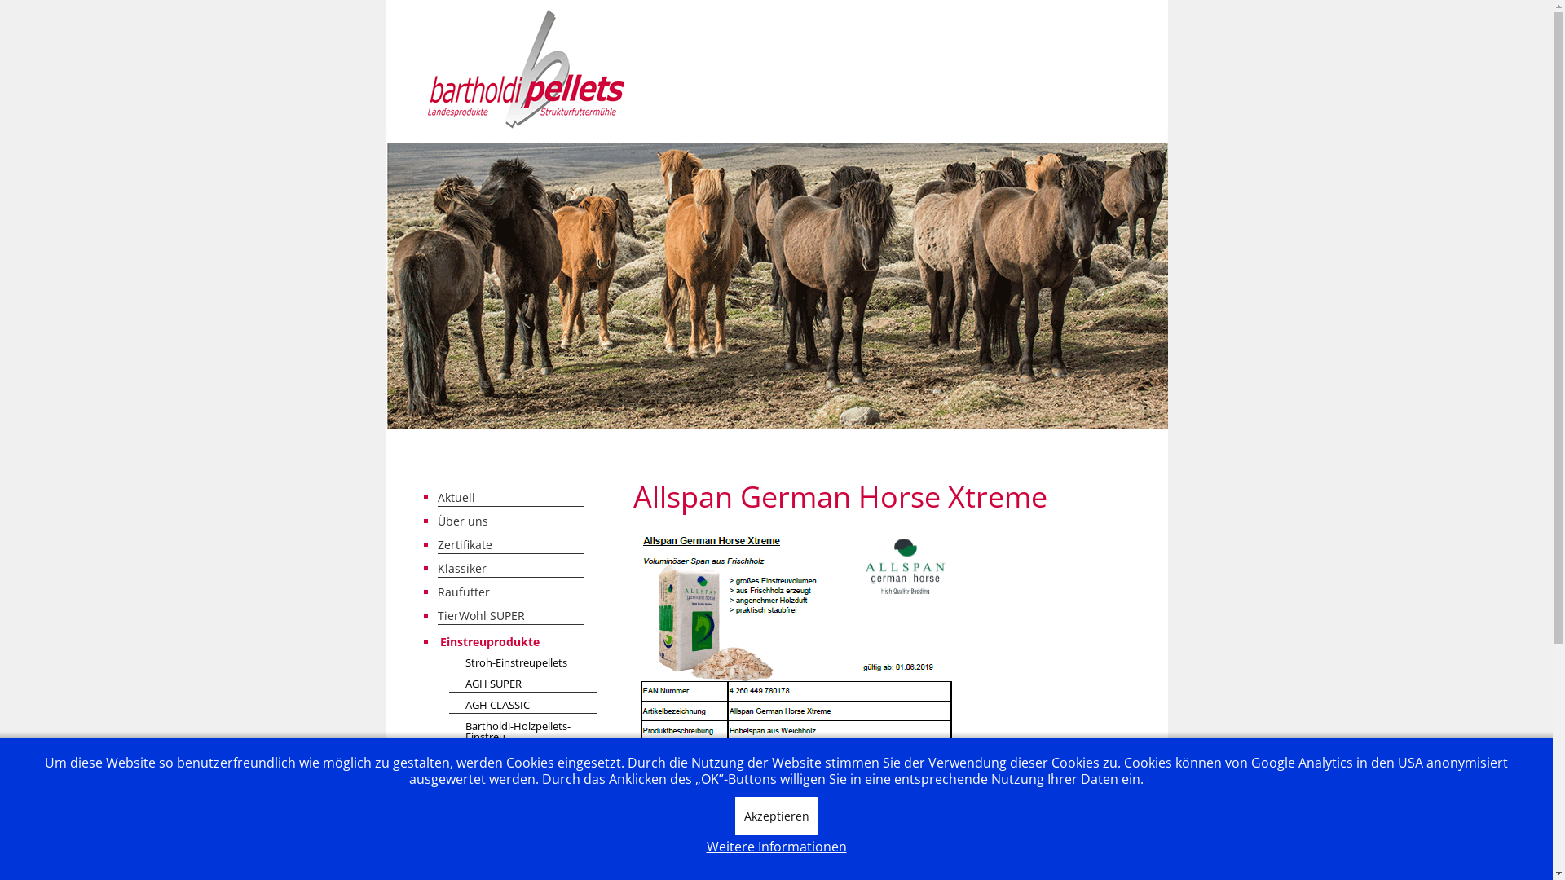 The width and height of the screenshot is (1565, 880). I want to click on 'Akzeptieren', so click(776, 816).